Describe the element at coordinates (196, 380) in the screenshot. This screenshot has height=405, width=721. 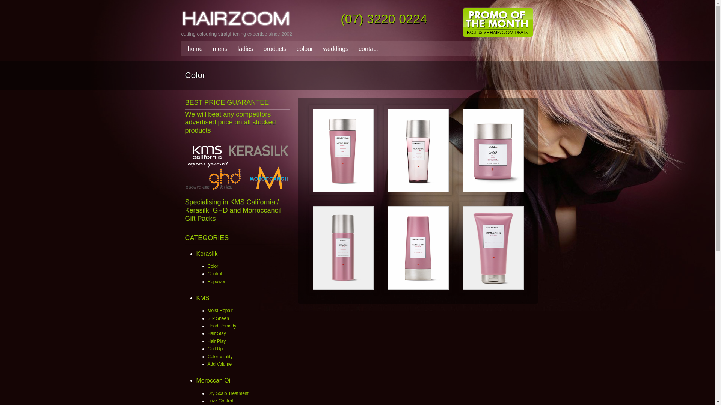
I see `'Moroccan Oil'` at that location.